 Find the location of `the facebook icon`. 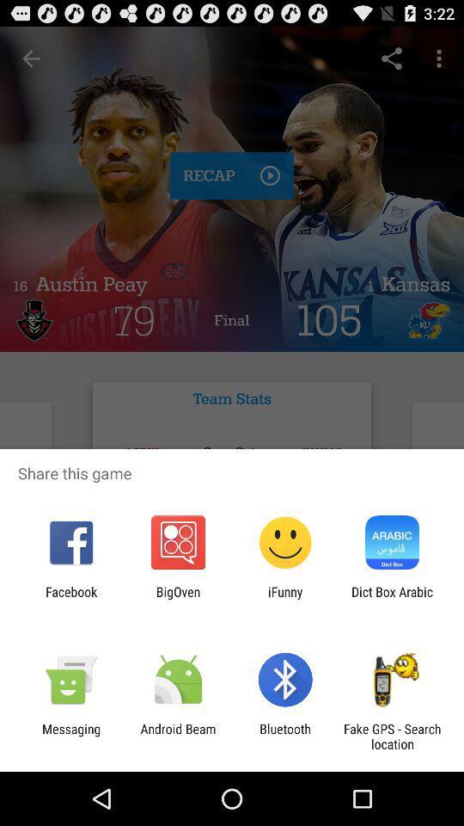

the facebook icon is located at coordinates (70, 599).